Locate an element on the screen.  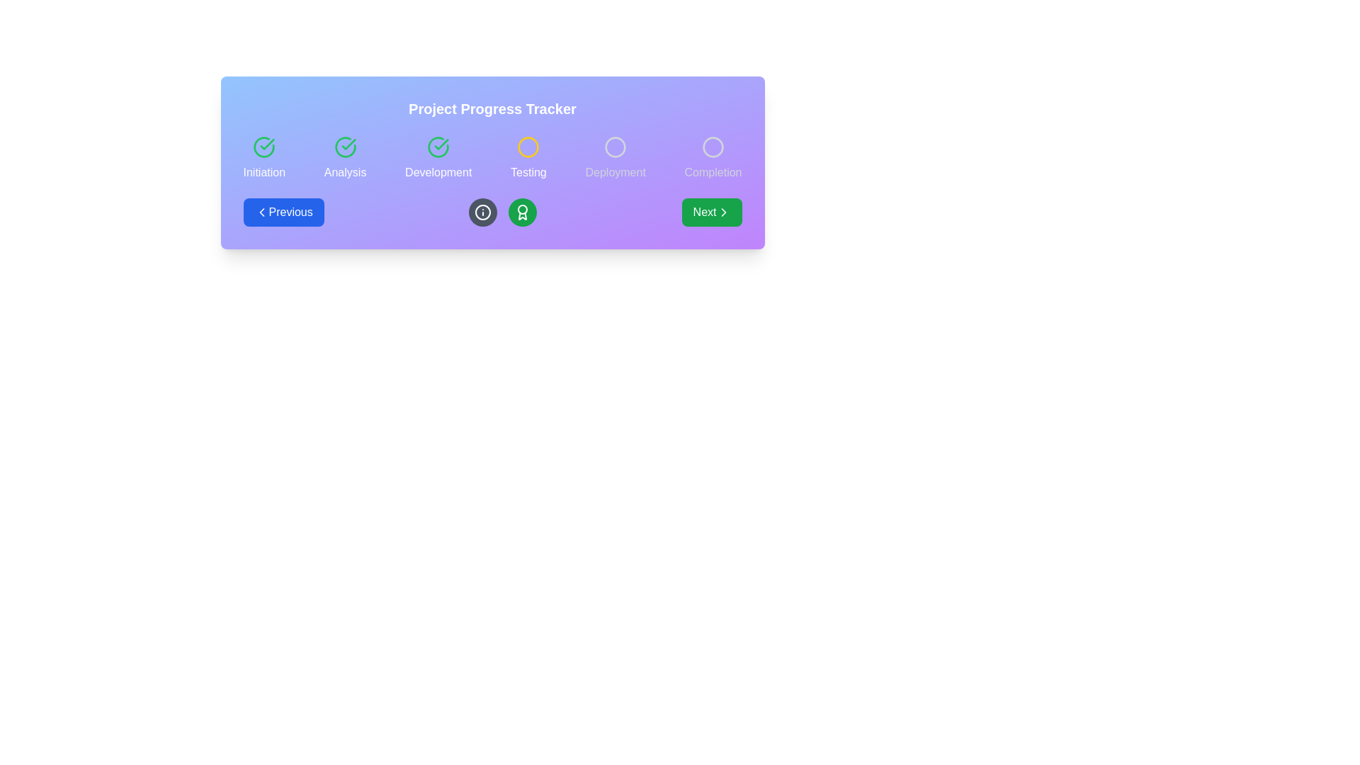
the state of the 'Analysis' icon, which signifies the completion of the Analysis phase in the progress tracker is located at coordinates (345, 147).